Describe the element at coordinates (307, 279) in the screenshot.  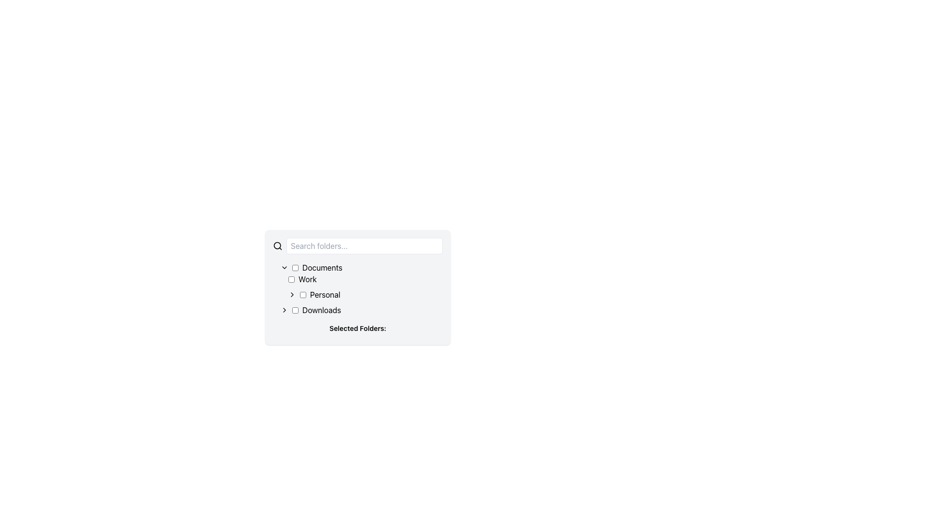
I see `the text label displaying 'Work' which is aligned to the right of a checkbox in the vertical file list interface` at that location.